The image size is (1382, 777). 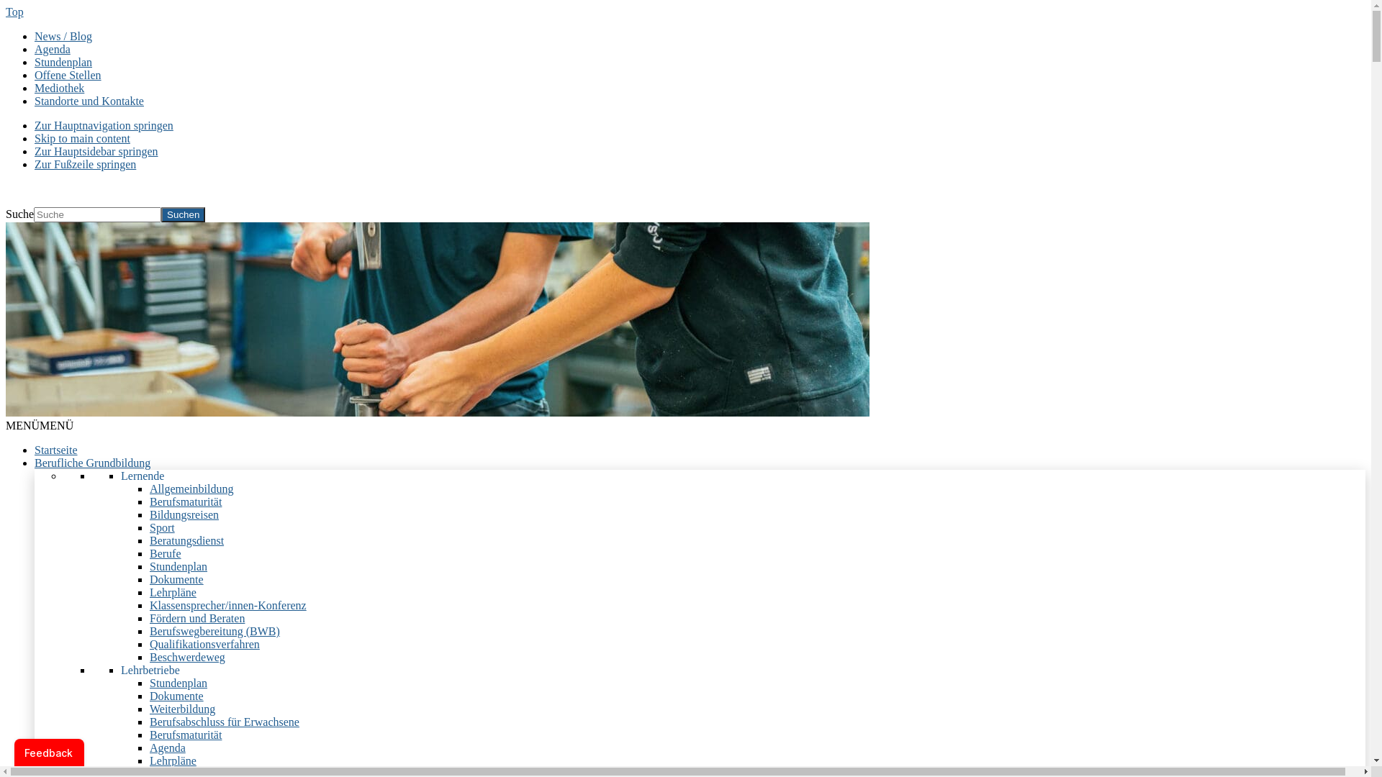 What do you see at coordinates (149, 747) in the screenshot?
I see `'Agenda'` at bounding box center [149, 747].